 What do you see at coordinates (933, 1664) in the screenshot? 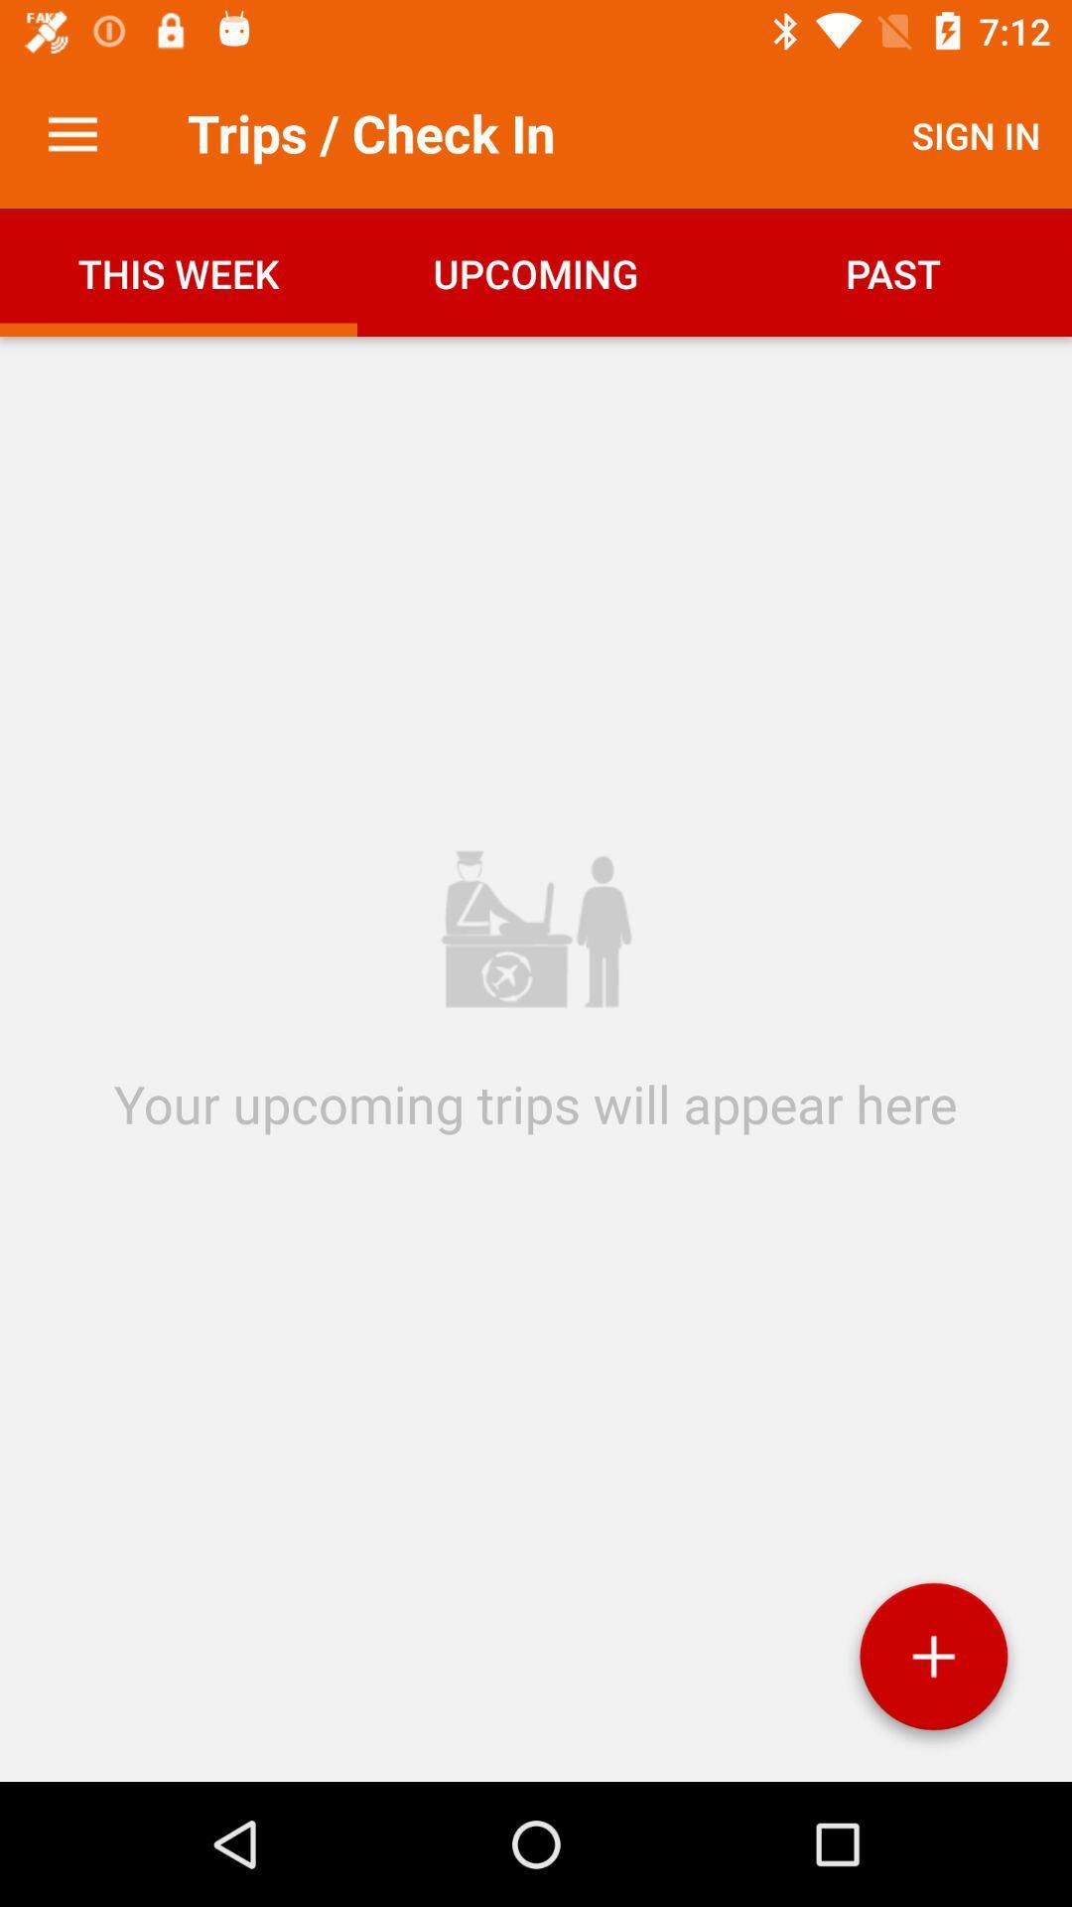
I see `the item below the your upcoming trips icon` at bounding box center [933, 1664].